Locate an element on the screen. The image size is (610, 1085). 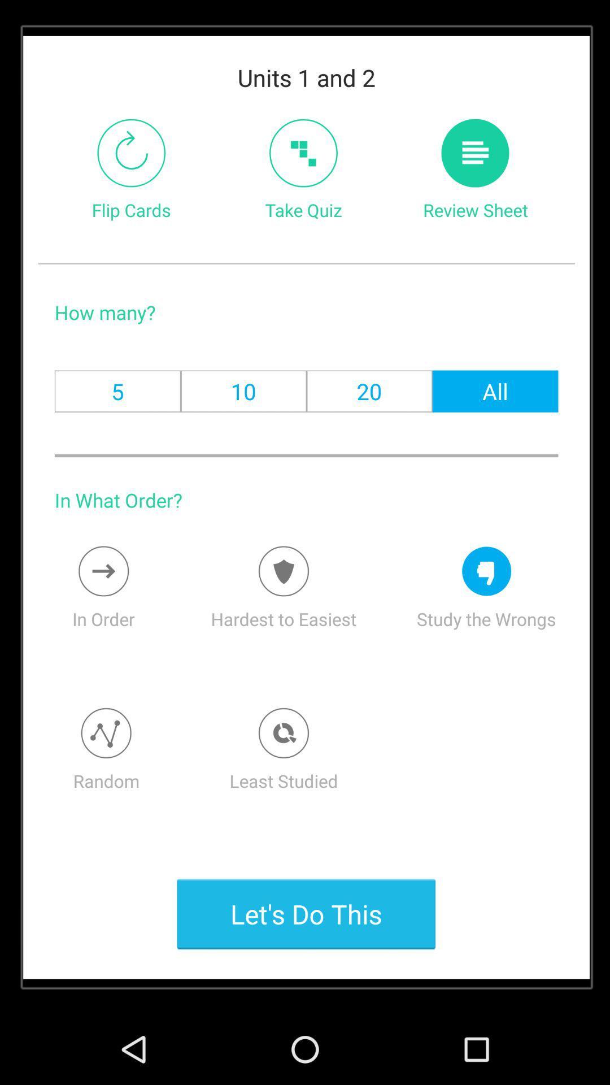
option to look at what you 've studied the least is located at coordinates (283, 733).